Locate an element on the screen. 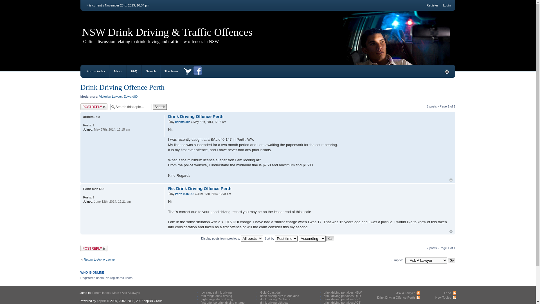  'mid range drink driving' is located at coordinates (201, 295).